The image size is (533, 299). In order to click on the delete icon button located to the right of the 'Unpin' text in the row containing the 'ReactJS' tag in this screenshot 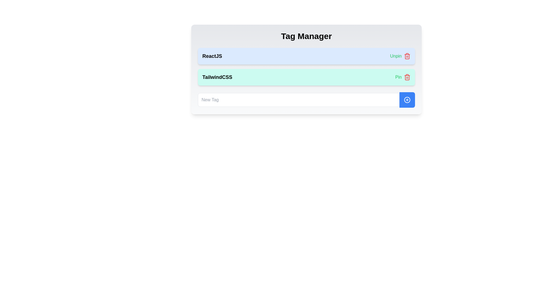, I will do `click(407, 56)`.